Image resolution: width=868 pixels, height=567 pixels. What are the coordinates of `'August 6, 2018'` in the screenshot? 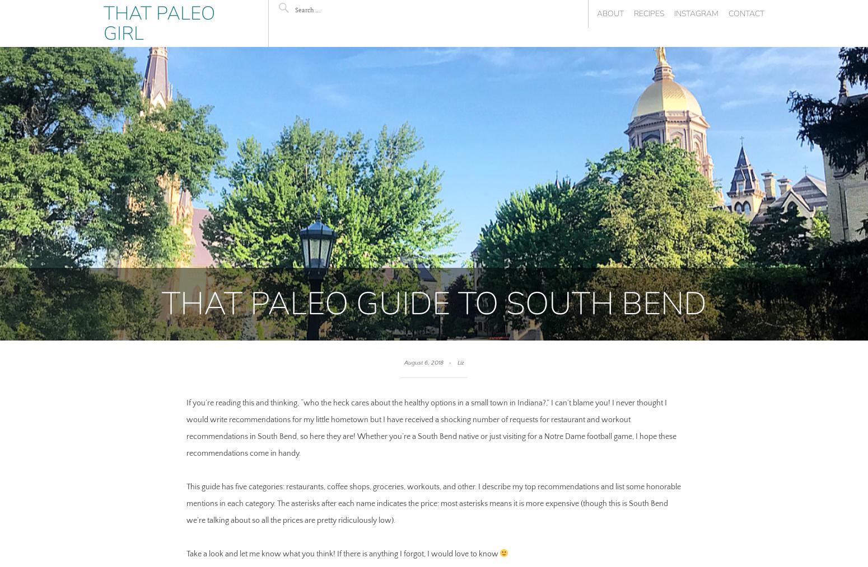 It's located at (423, 362).